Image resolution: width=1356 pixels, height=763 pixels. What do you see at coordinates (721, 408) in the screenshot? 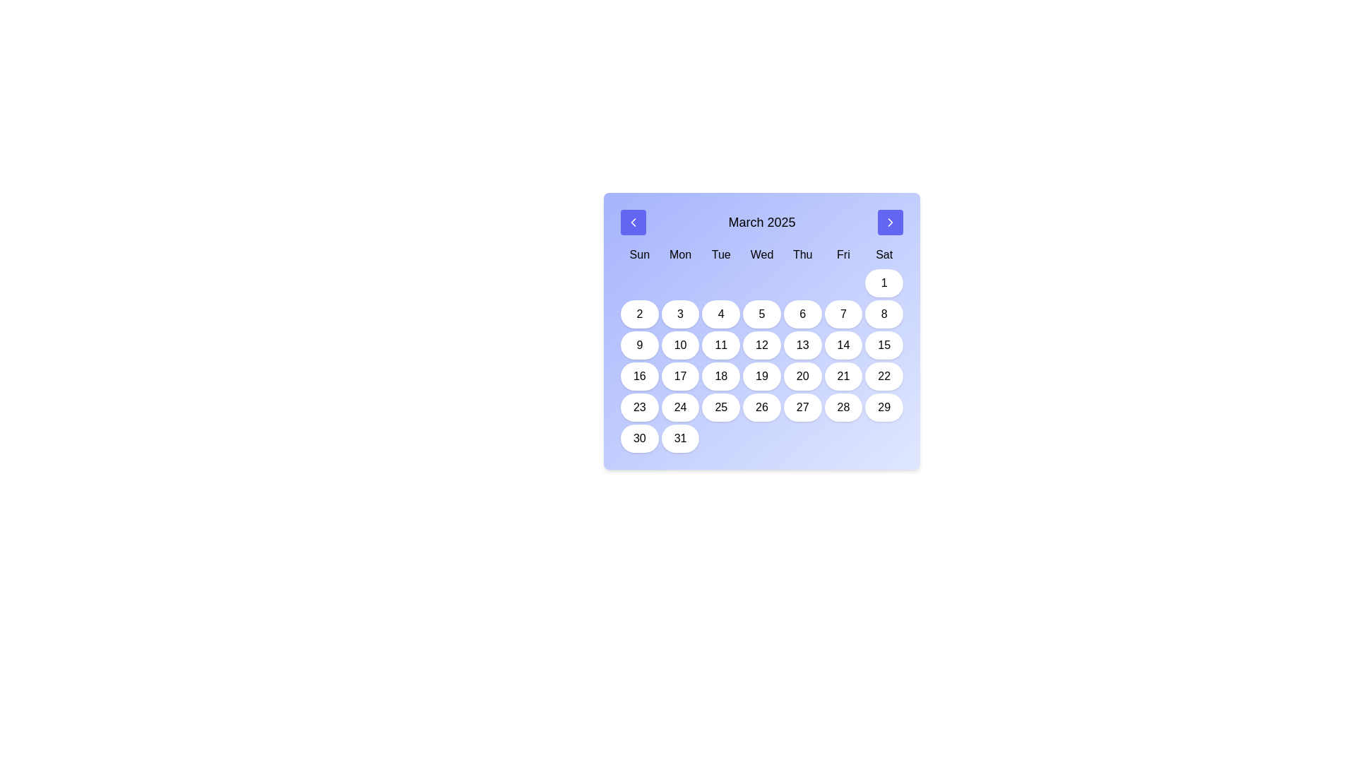
I see `the circular button with a white background and the number '25' centered in black text` at bounding box center [721, 408].